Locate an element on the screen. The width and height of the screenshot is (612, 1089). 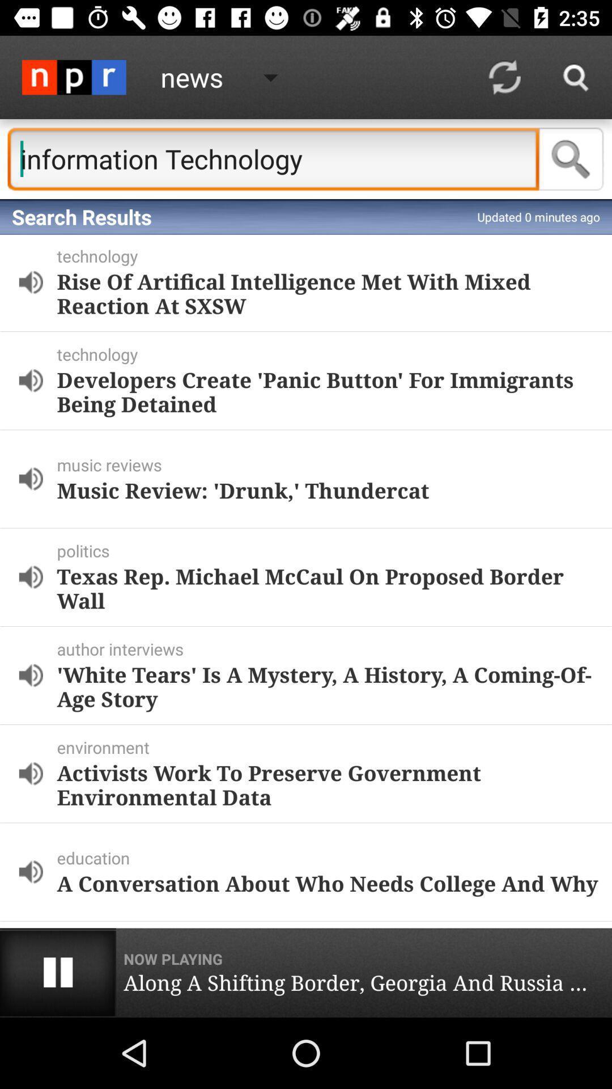
the volume icon shown in the first option below search results is located at coordinates (30, 282).